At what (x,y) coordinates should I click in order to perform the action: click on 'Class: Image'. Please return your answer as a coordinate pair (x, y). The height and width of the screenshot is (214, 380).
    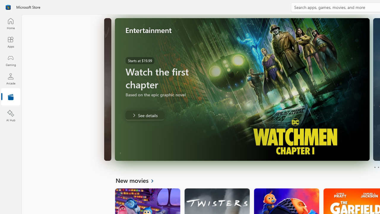
    Looking at the image, I should click on (8, 7).